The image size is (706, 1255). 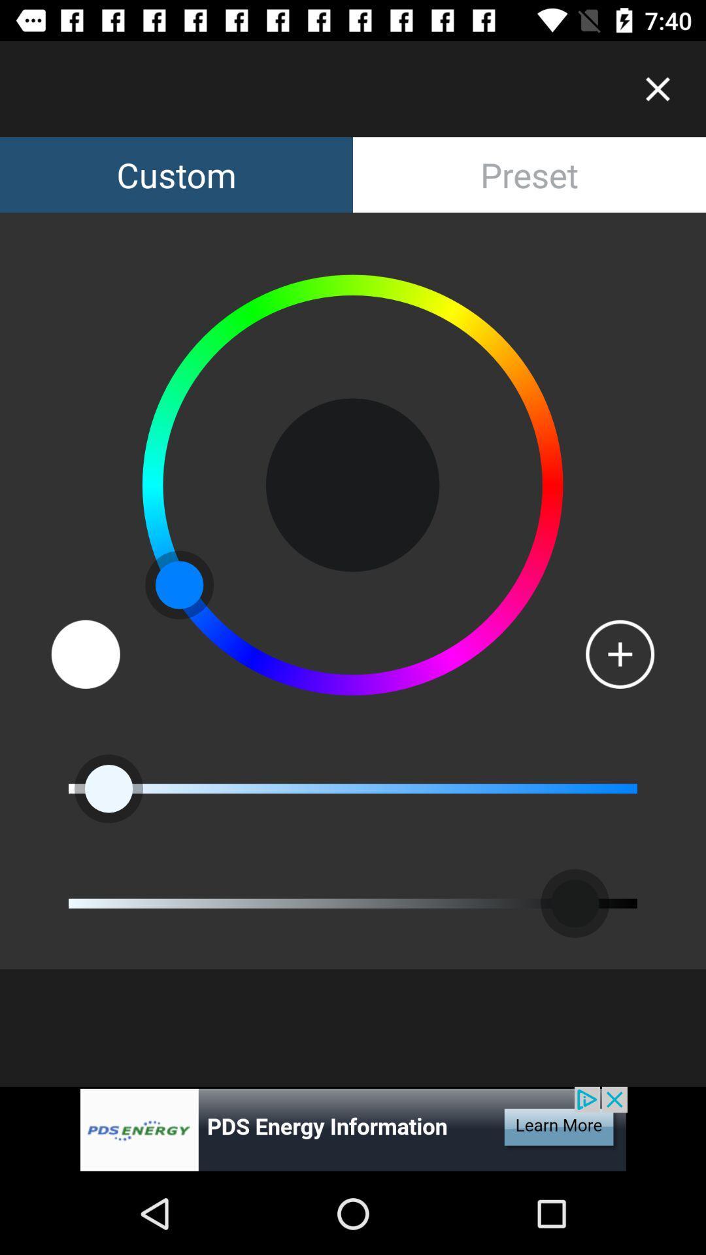 What do you see at coordinates (86, 654) in the screenshot?
I see `to select white color` at bounding box center [86, 654].